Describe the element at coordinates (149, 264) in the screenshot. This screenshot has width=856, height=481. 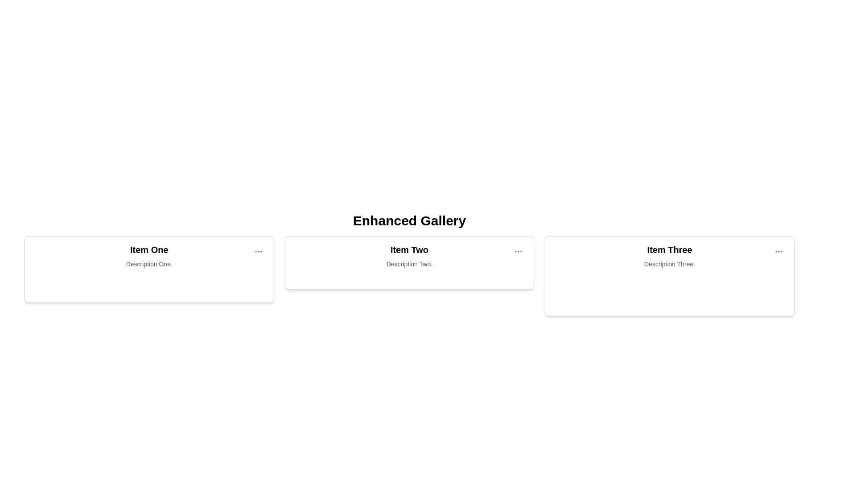
I see `gray text element displaying 'Description One.' located below the bold text 'Item One.' in the card section` at that location.